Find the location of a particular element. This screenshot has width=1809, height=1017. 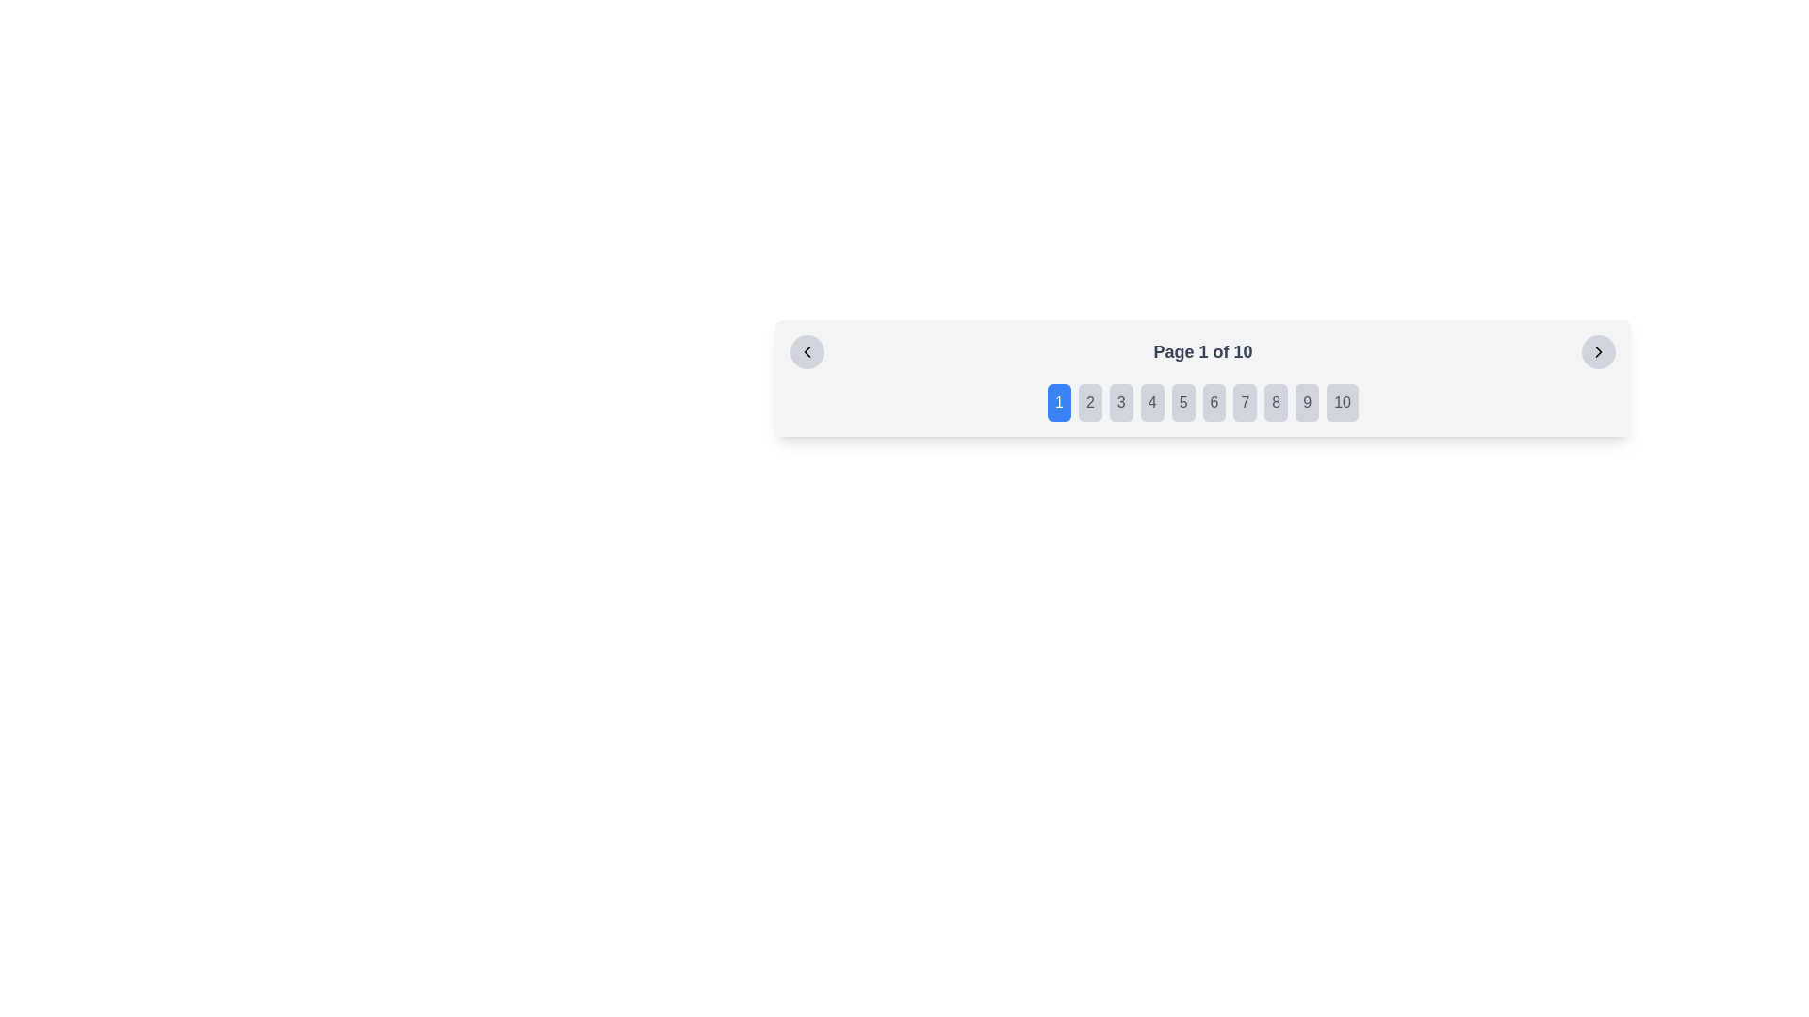

the left-facing chevron arrow in the navigation bar is located at coordinates (807, 352).